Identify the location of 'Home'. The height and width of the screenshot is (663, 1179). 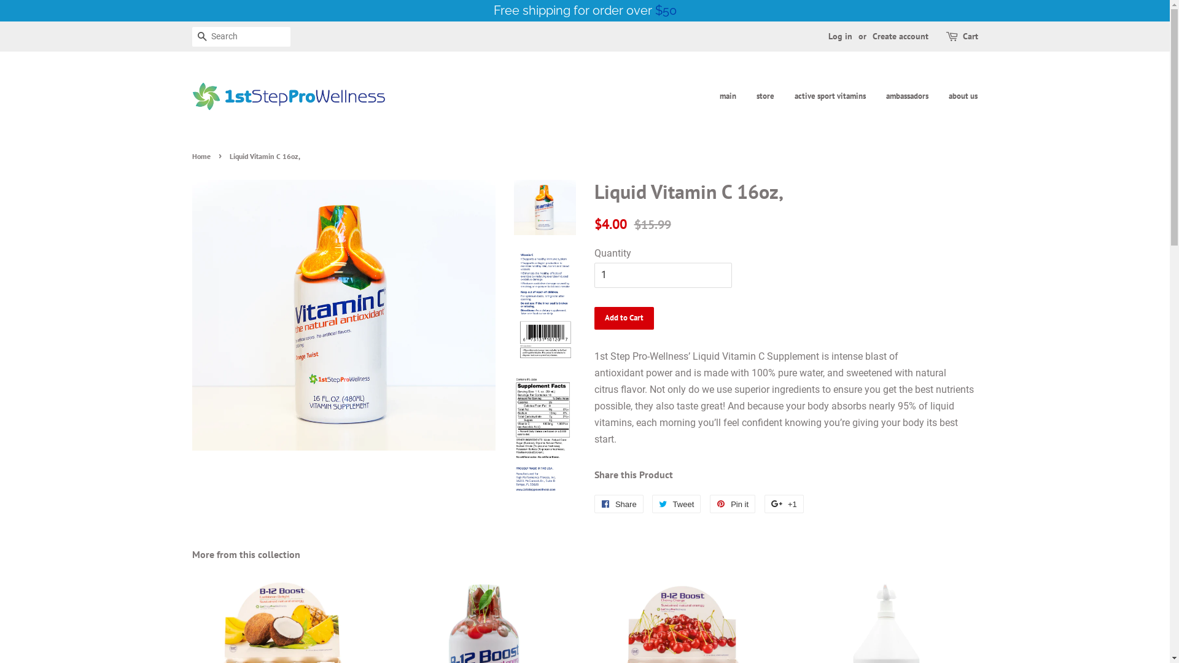
(202, 155).